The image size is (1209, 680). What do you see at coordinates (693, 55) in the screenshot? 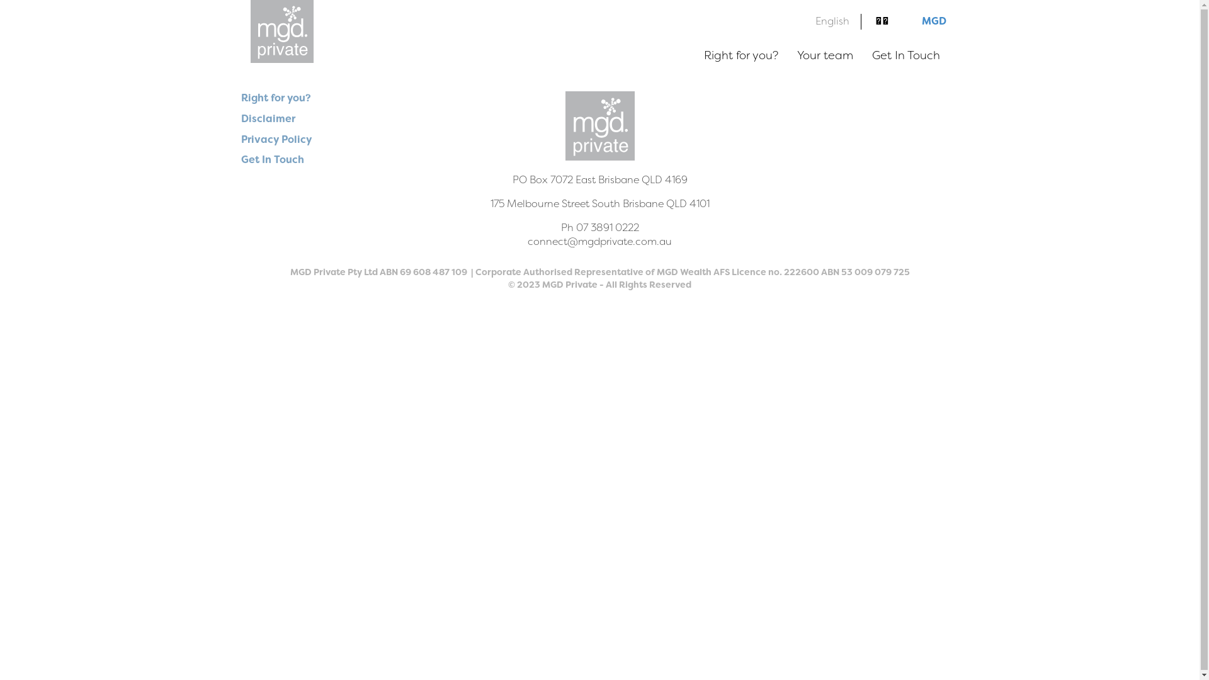
I see `'Right for you?'` at bounding box center [693, 55].